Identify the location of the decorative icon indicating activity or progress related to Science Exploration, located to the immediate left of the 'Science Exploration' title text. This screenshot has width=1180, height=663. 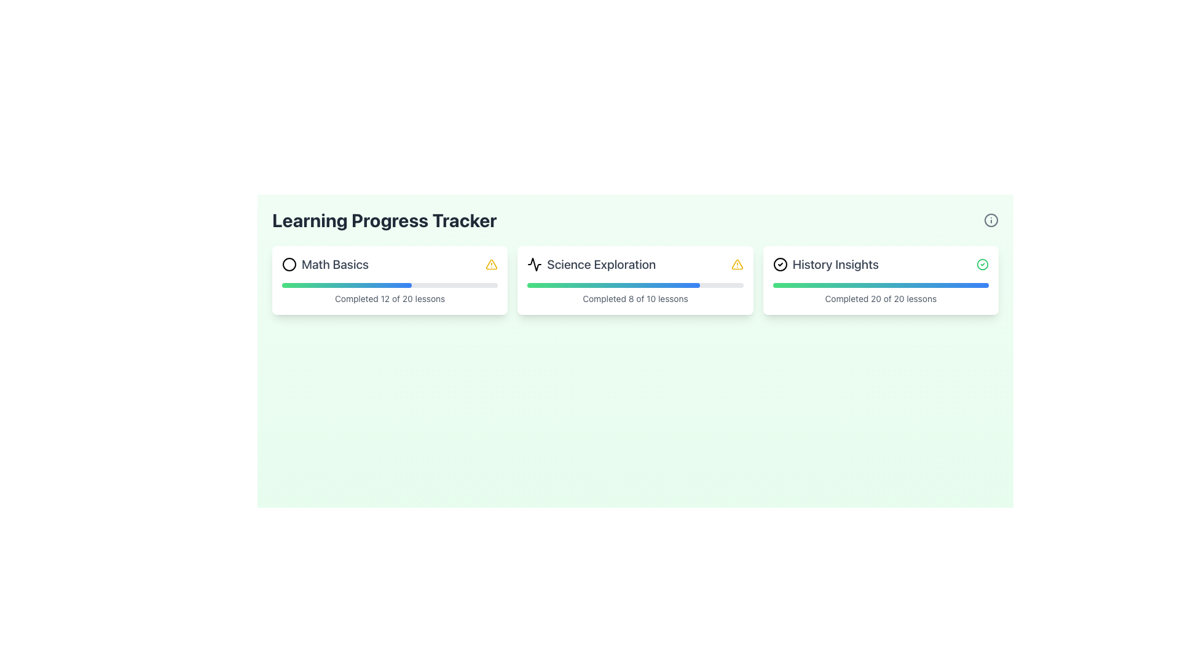
(535, 264).